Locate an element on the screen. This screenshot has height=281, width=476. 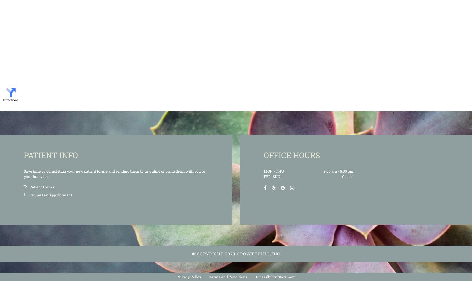
'GrowthPlug, Inc' is located at coordinates (257, 253).